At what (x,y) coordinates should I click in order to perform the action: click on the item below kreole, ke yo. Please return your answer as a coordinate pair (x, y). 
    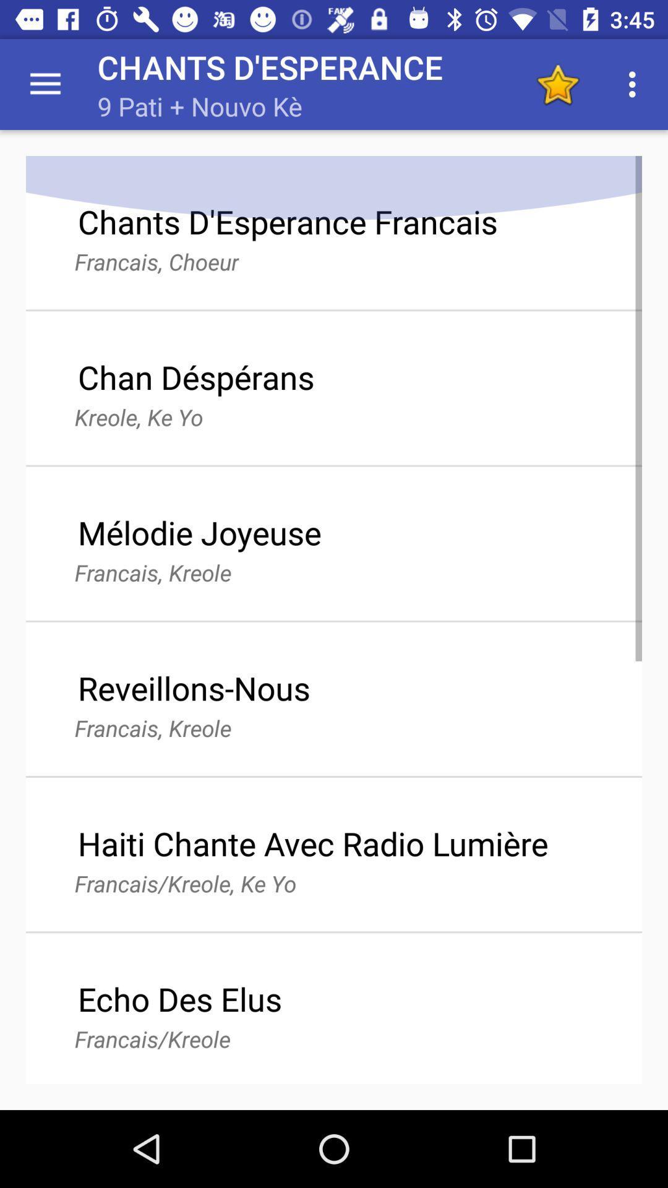
    Looking at the image, I should click on (199, 532).